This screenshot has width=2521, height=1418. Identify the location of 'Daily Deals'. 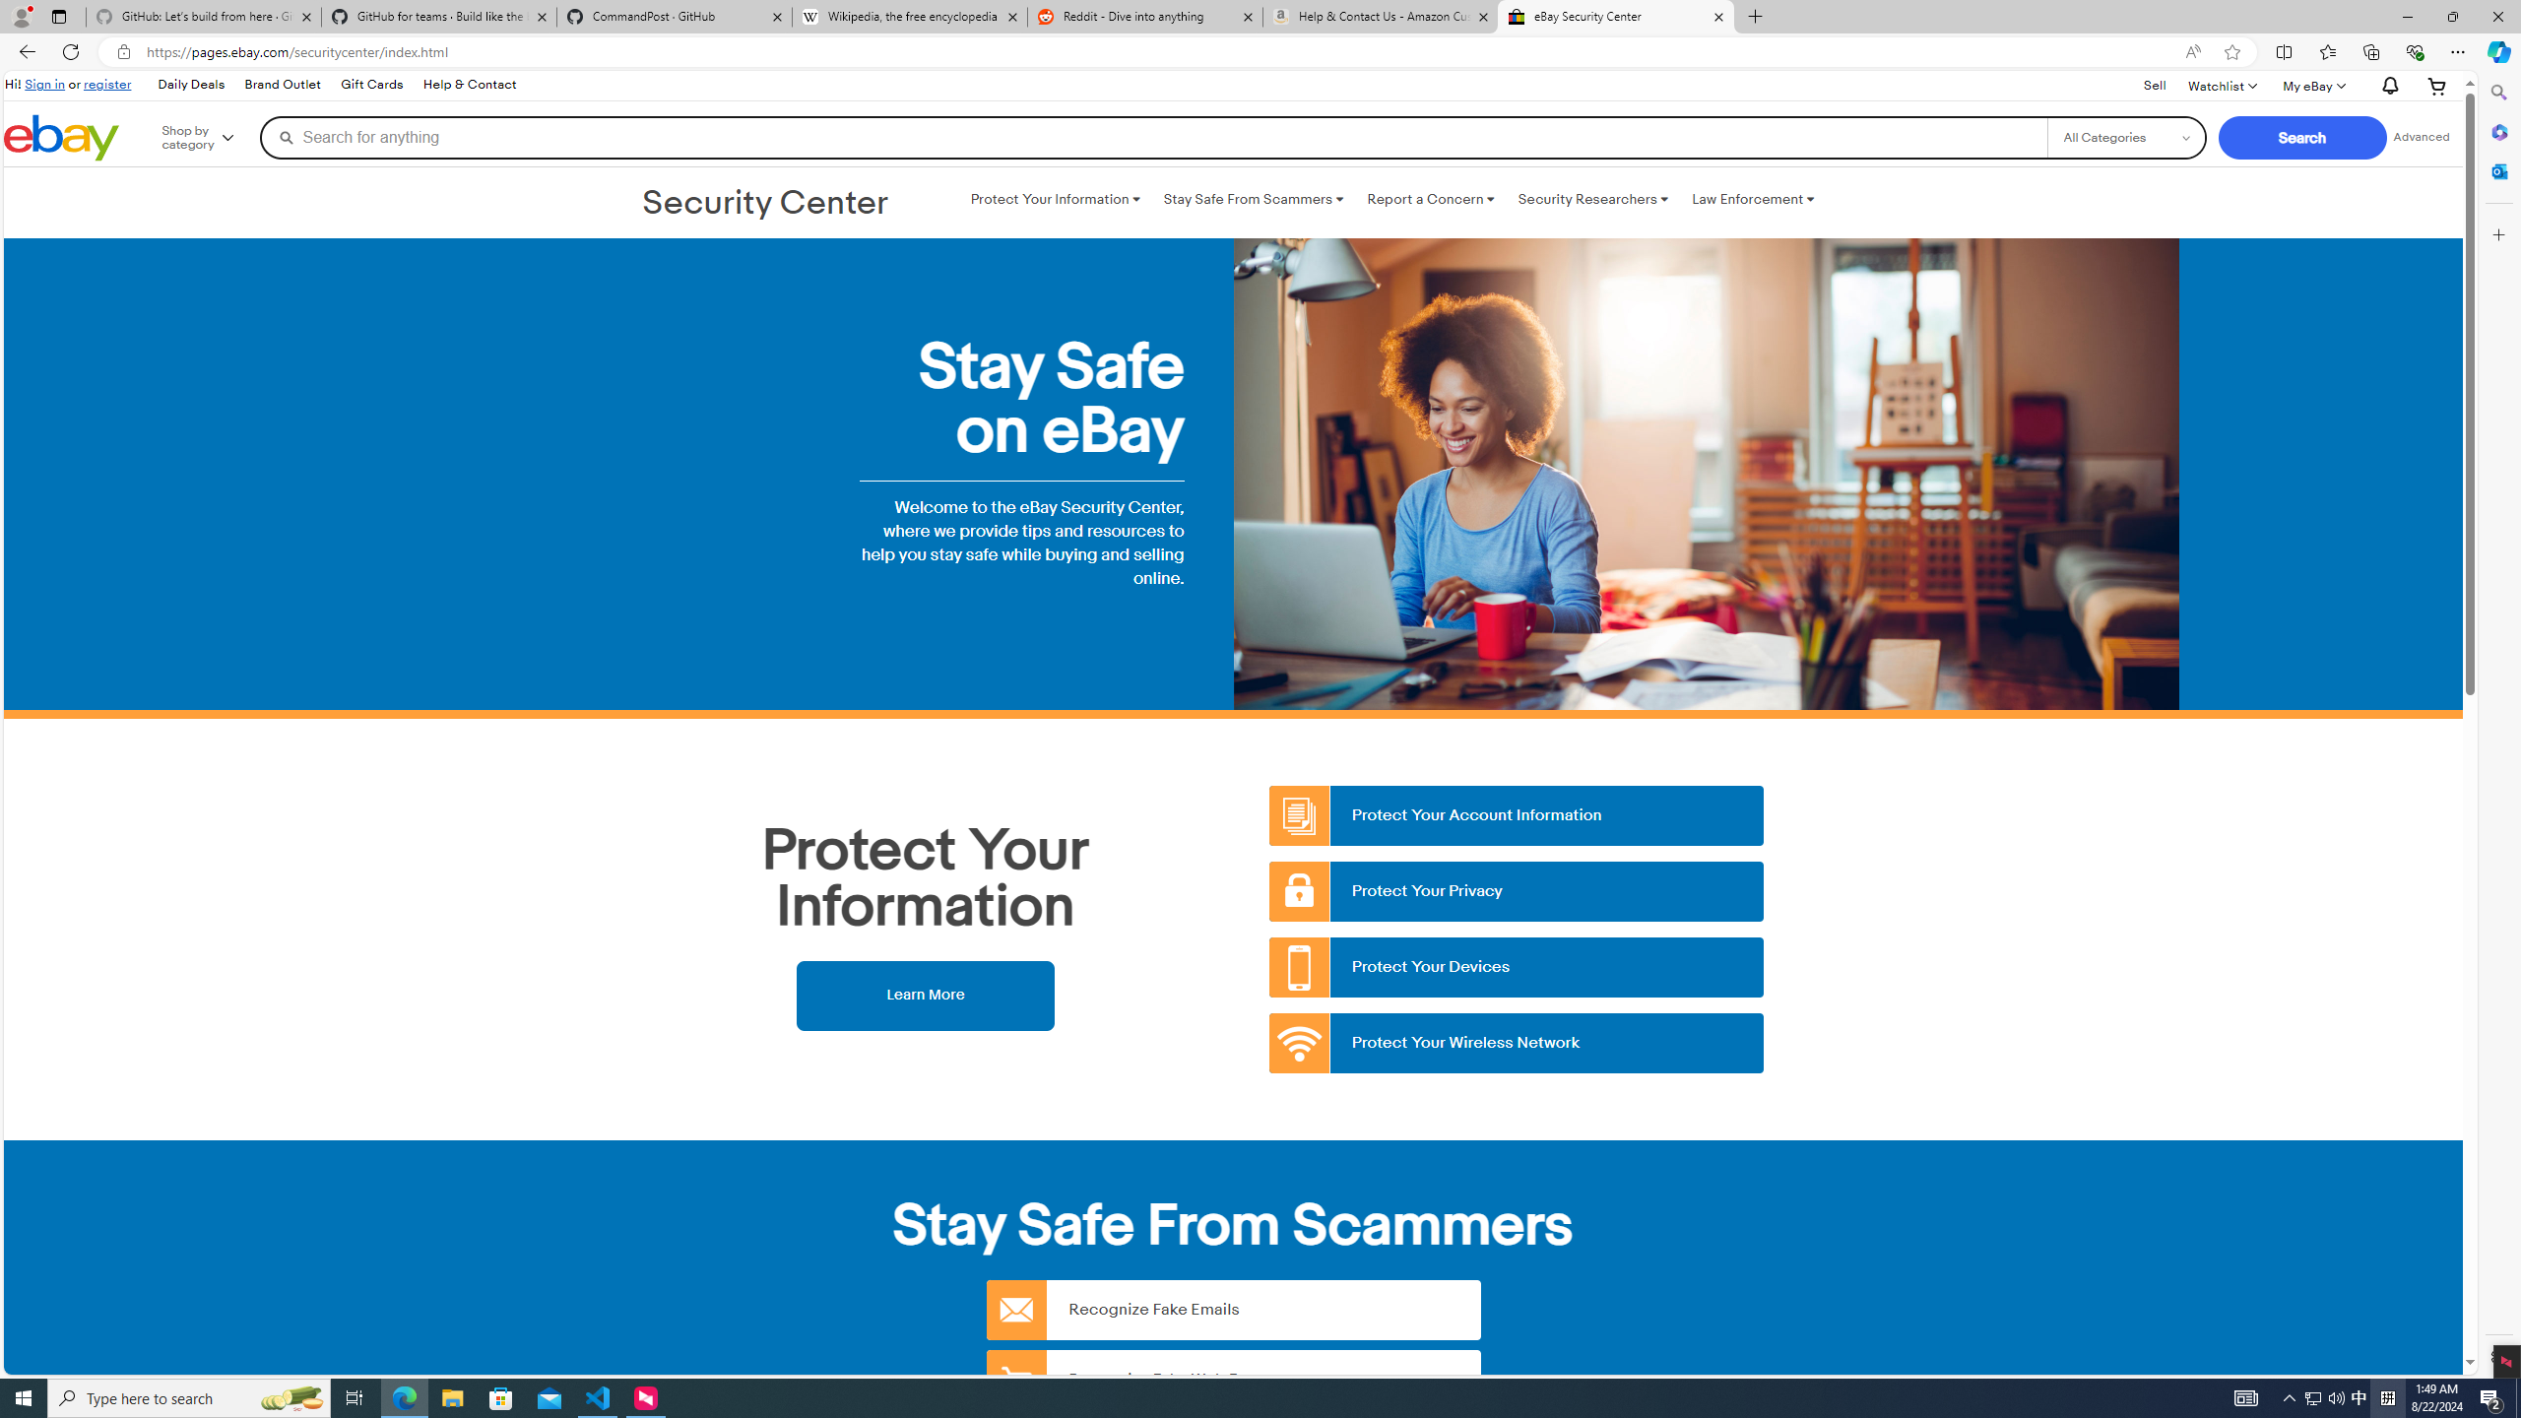
(189, 86).